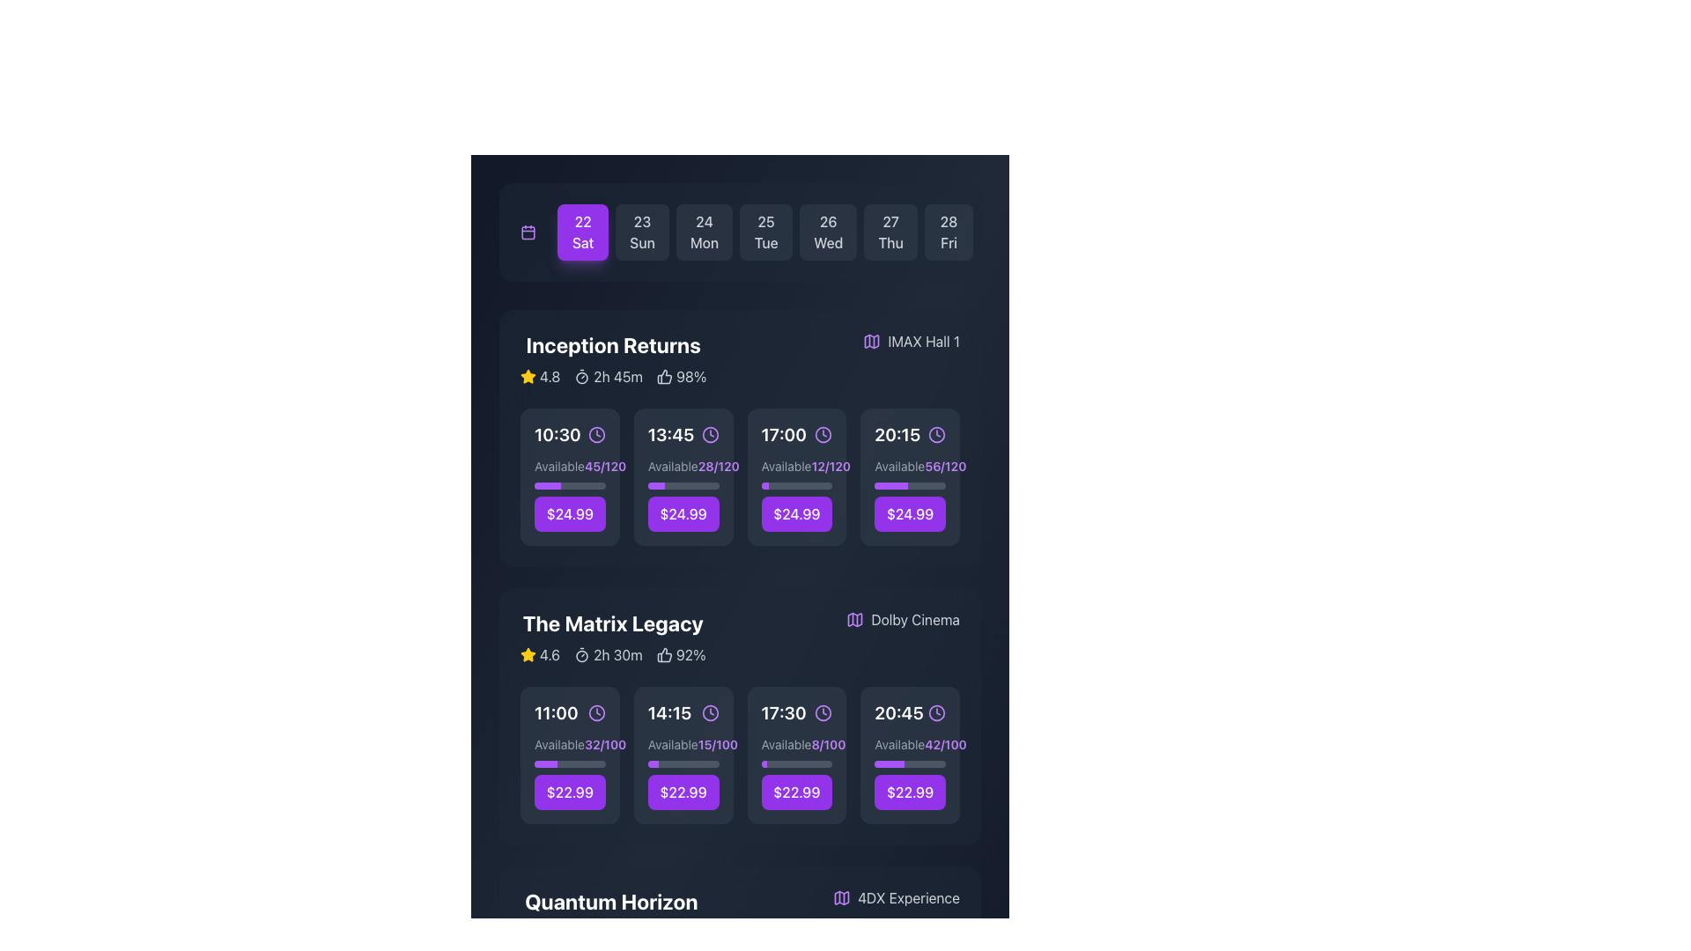 This screenshot has width=1691, height=951. What do you see at coordinates (570, 791) in the screenshot?
I see `the price button for the showtime '11:00' under 'The Matrix Legacy' section` at bounding box center [570, 791].